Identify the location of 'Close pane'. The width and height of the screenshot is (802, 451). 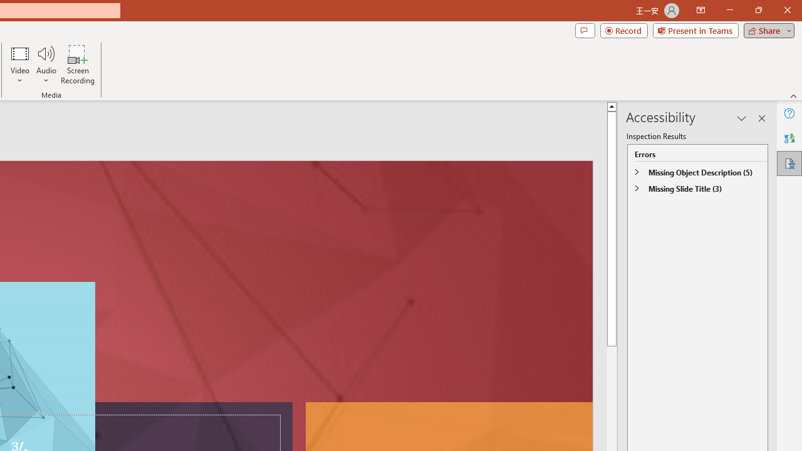
(761, 118).